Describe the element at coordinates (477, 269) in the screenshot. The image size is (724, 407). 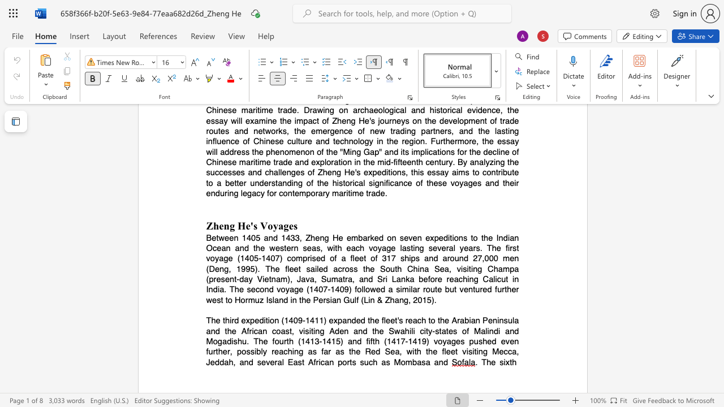
I see `the subset text "g Ch" within the text "of a fleet of 317 ships and around 27,000 men (Deng, 1995). The fleet sailed across the South China Sea, visiting Champa (present-day Vietnam), Java, Sumatra, and Sri Lanka before reaching"` at that location.